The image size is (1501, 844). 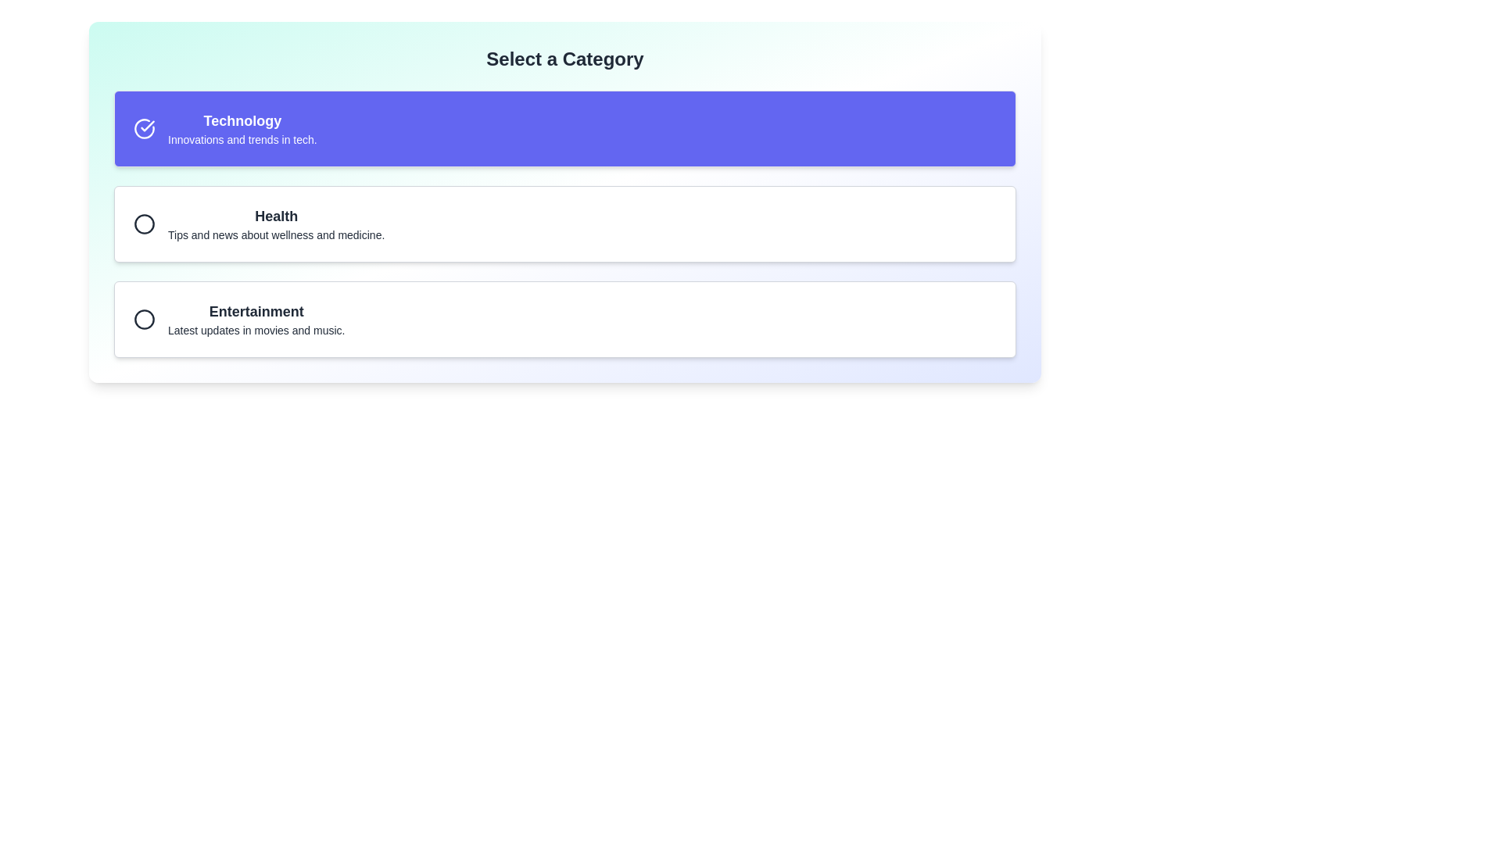 What do you see at coordinates (276, 224) in the screenshot?
I see `the 'Health' text field` at bounding box center [276, 224].